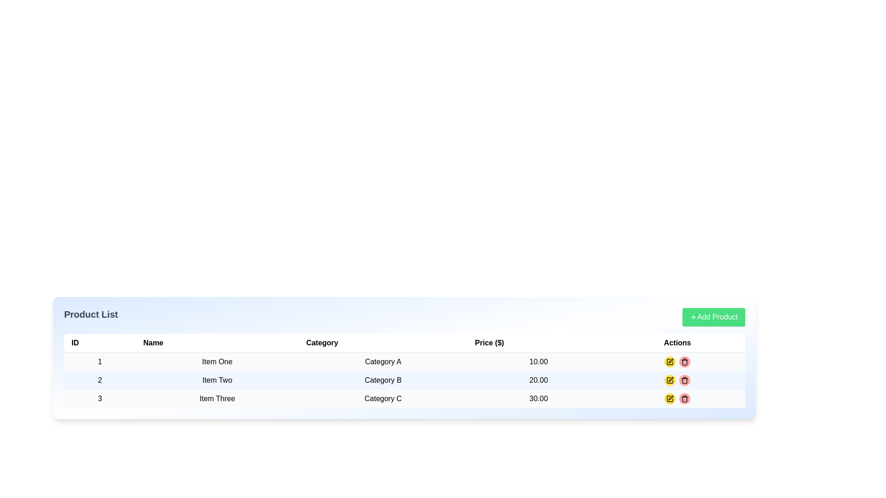 The width and height of the screenshot is (886, 498). What do you see at coordinates (670, 380) in the screenshot?
I see `the edit icon resembling a square with a pen or pencil located in the 'Actions' column` at bounding box center [670, 380].